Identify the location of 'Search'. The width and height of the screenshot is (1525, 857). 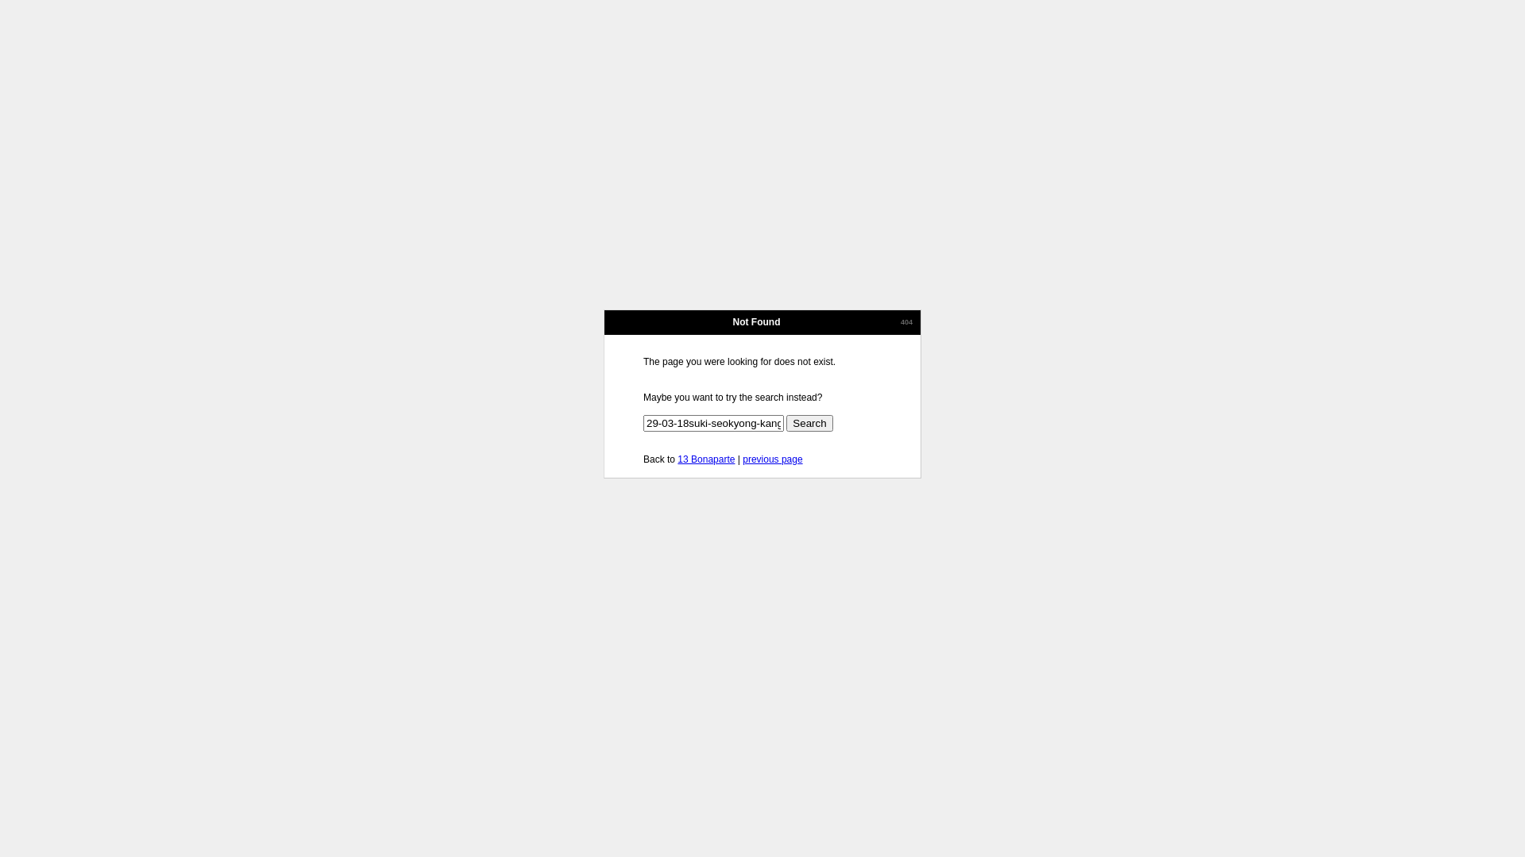
(809, 422).